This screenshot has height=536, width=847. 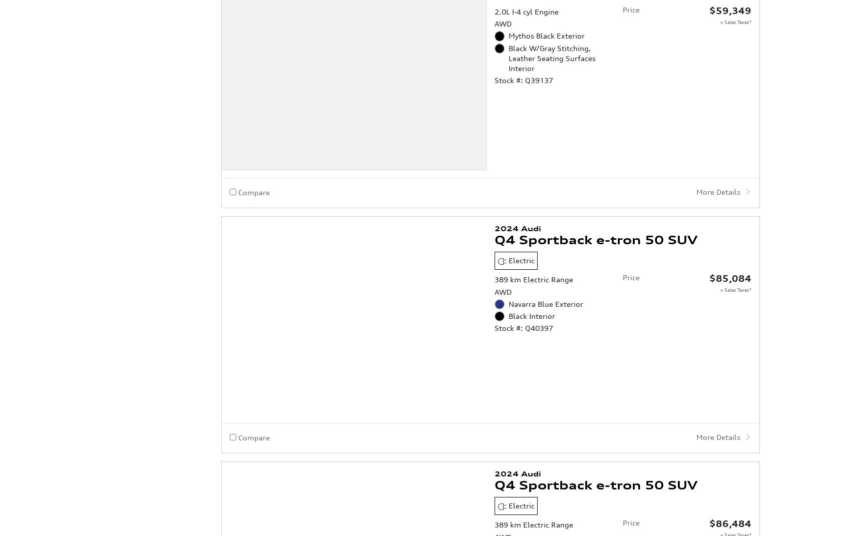 I want to click on 'Black W/Gray Stitching, Leather Seating Surfaces Interior', so click(x=552, y=17).